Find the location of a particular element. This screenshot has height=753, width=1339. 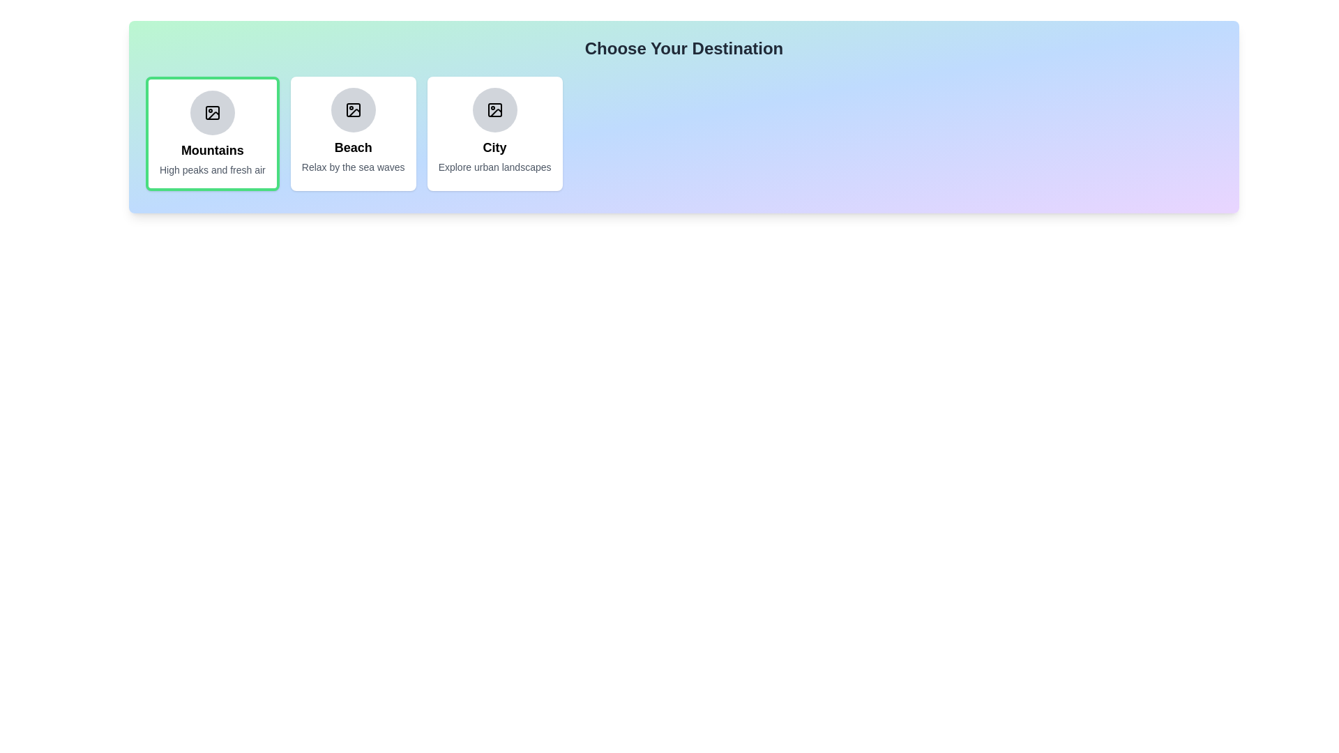

the chip labeled 'City' to observe its hover effect is located at coordinates (494, 134).